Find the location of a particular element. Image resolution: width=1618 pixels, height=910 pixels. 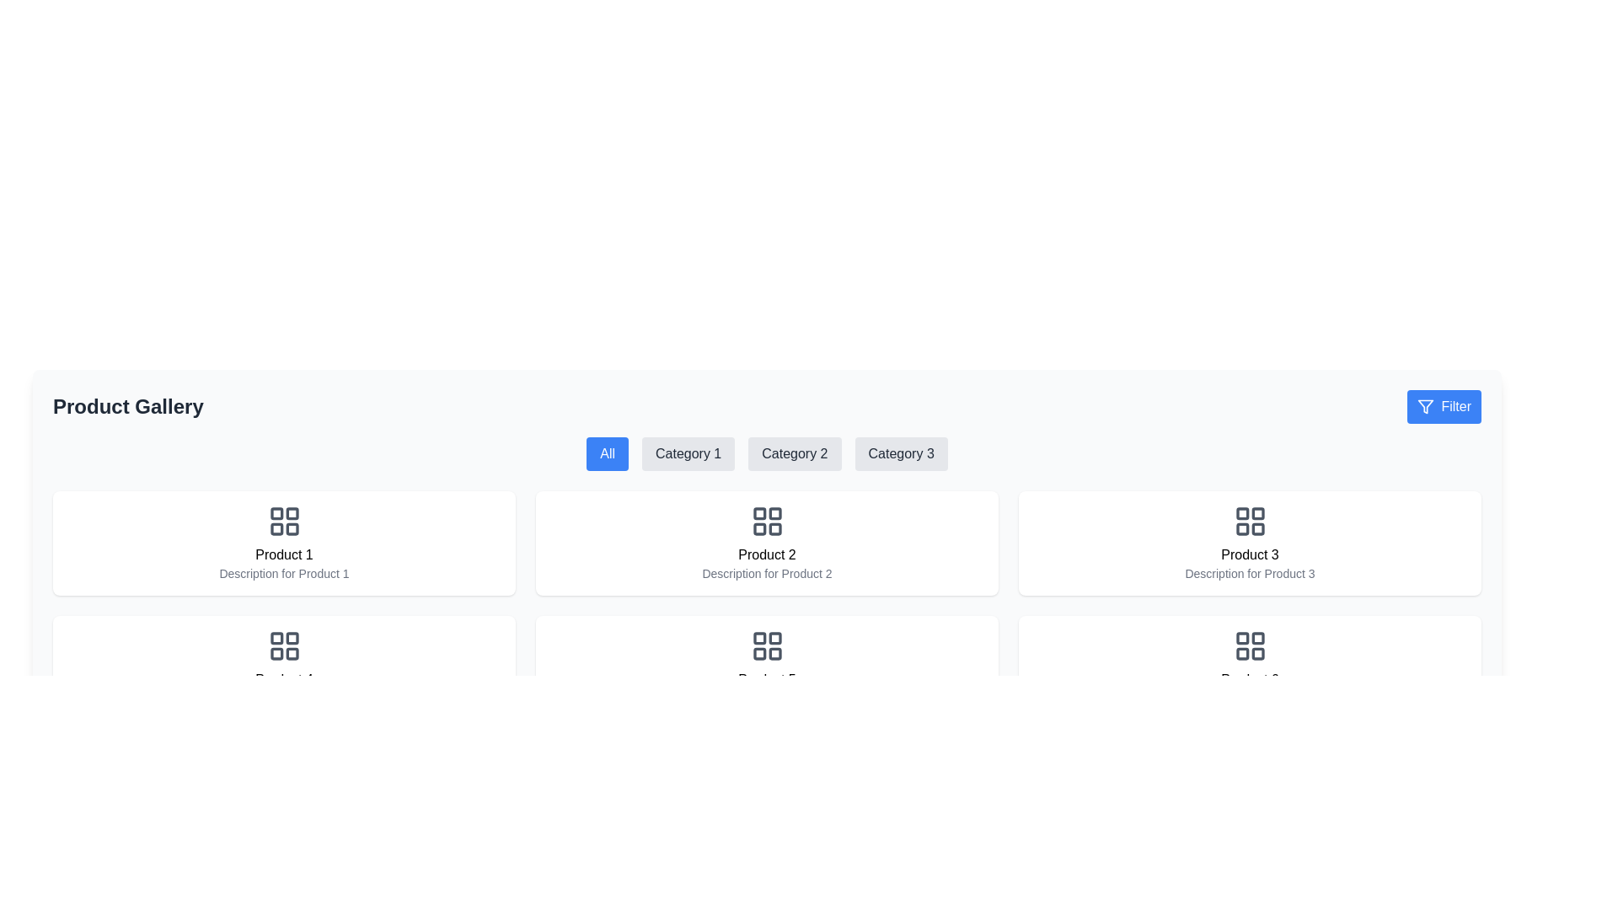

the small rounded rectangle in the top-left position of the 2x2 grid icon associated with 'Product 2' in the product gallery is located at coordinates (758, 512).